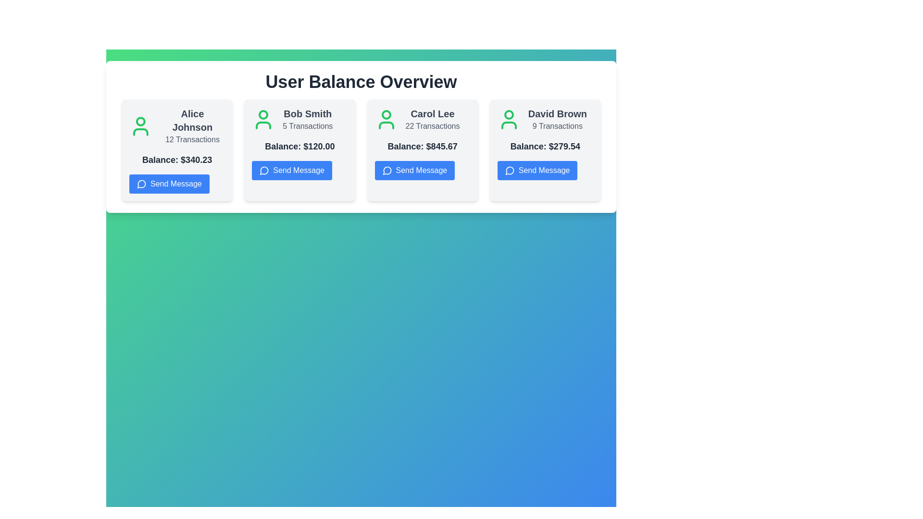 The image size is (923, 519). Describe the element at coordinates (545, 119) in the screenshot. I see `the text element introducing user 'David Brown' located at the top right corner of the fourth user card in the 'User Balance Overview' section` at that location.